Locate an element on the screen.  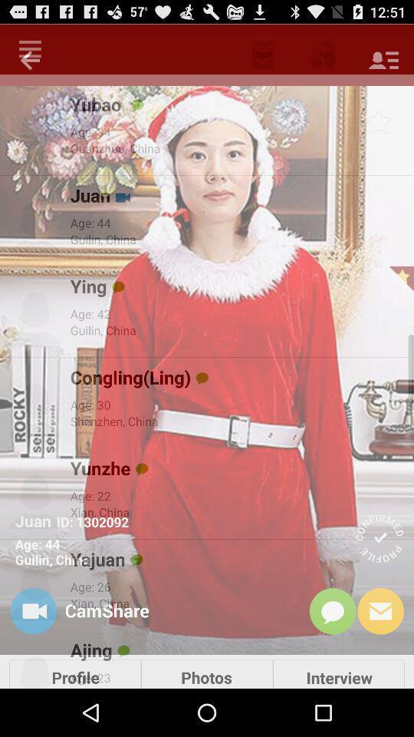
the icon right to conglingling is located at coordinates (202, 377).